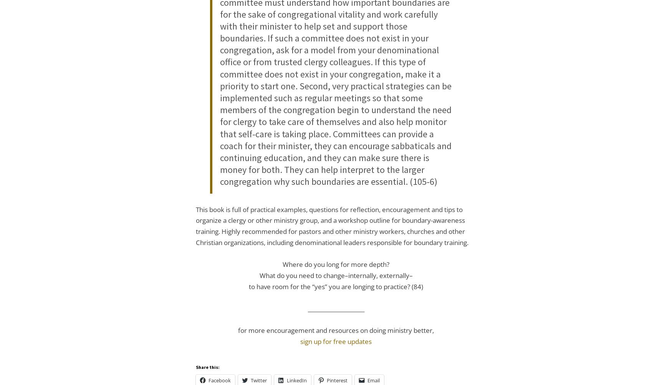  I want to click on 'Facebook', so click(208, 380).